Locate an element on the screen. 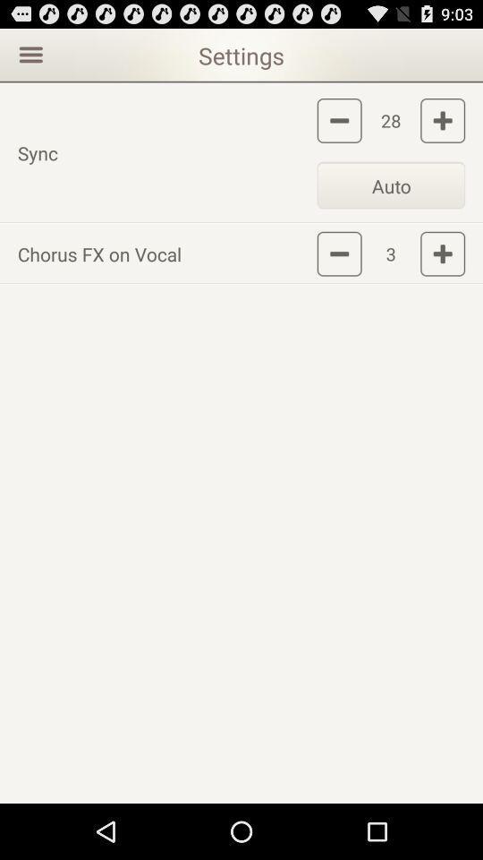 The width and height of the screenshot is (483, 860). decrease the chorus fx on vocal option is located at coordinates (339, 253).